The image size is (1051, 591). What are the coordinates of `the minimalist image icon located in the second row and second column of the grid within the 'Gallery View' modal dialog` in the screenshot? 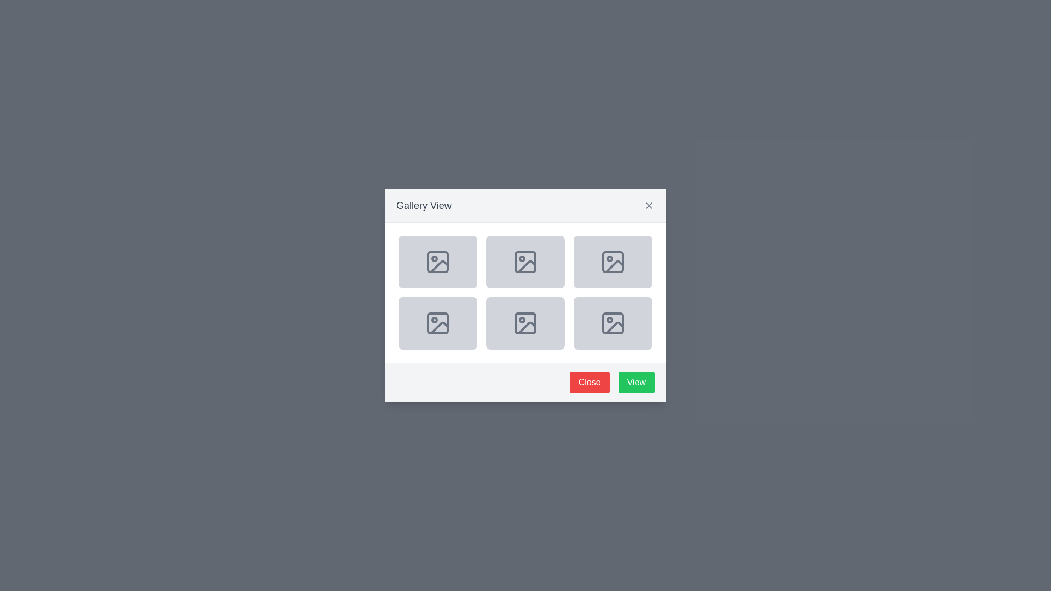 It's located at (525, 262).